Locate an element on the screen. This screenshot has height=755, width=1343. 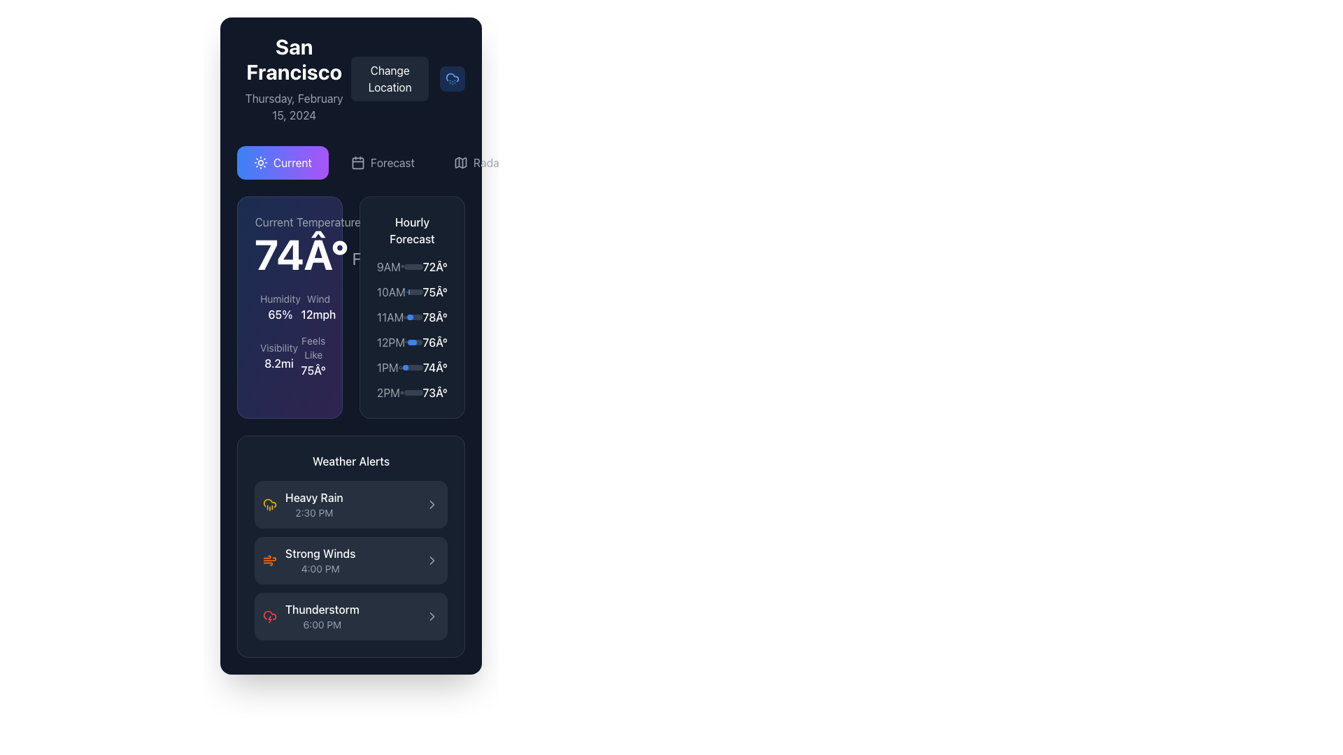
the text label that serves as the title for the 'Weather Alerts' section, positioned at the top of the section, above the list of weather alerts is located at coordinates (351, 461).